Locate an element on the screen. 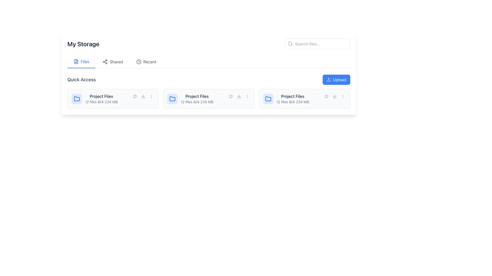 This screenshot has height=276, width=492. the star icon button located next to 'Project Files' in the Quick Access section is located at coordinates (135, 96).